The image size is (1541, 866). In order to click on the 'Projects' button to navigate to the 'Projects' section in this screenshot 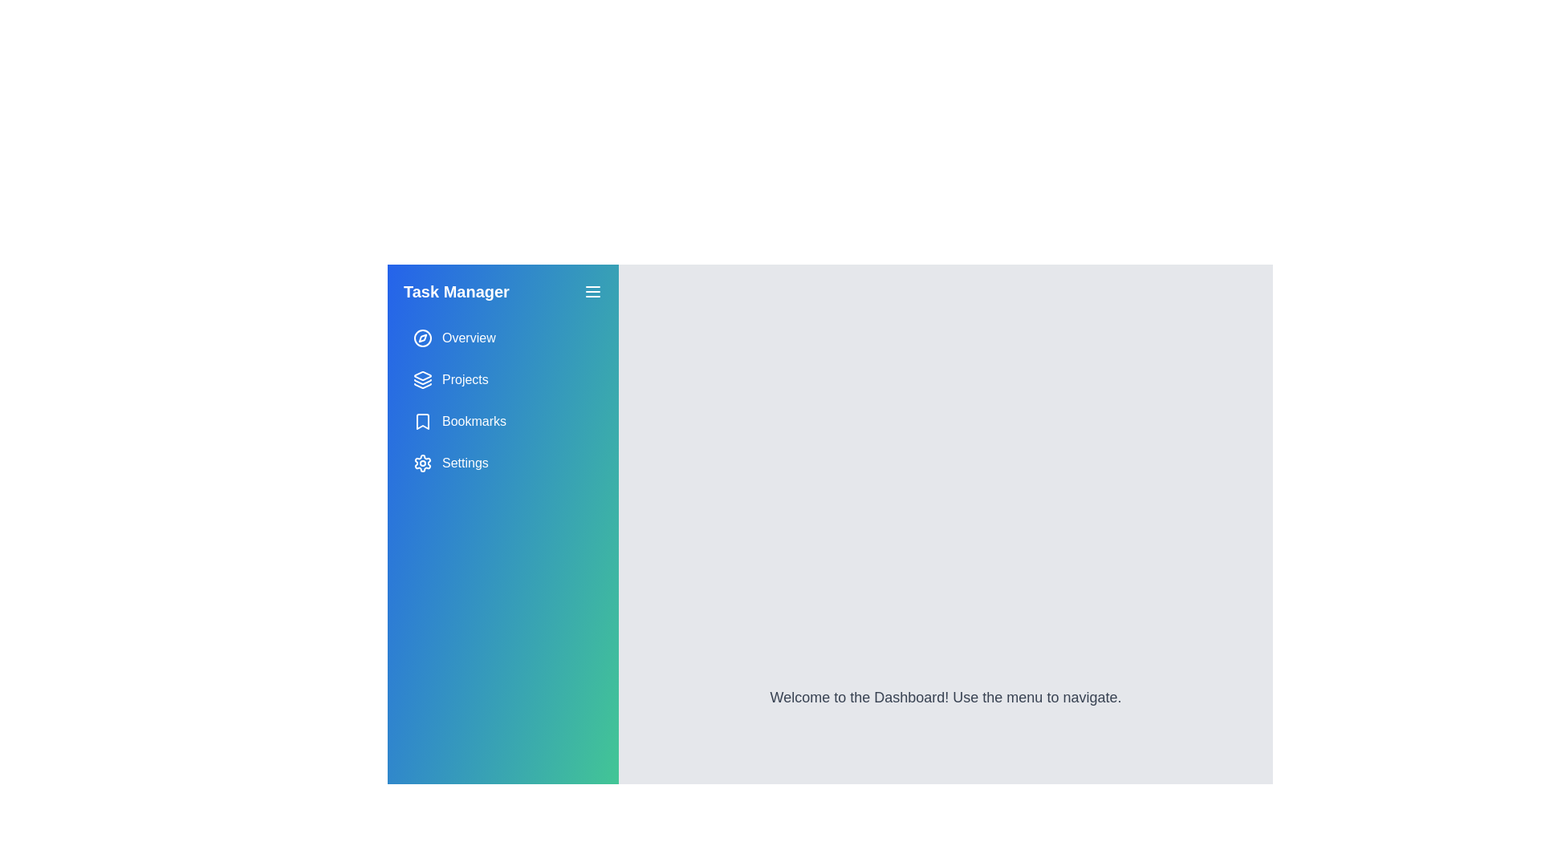, I will do `click(502, 380)`.